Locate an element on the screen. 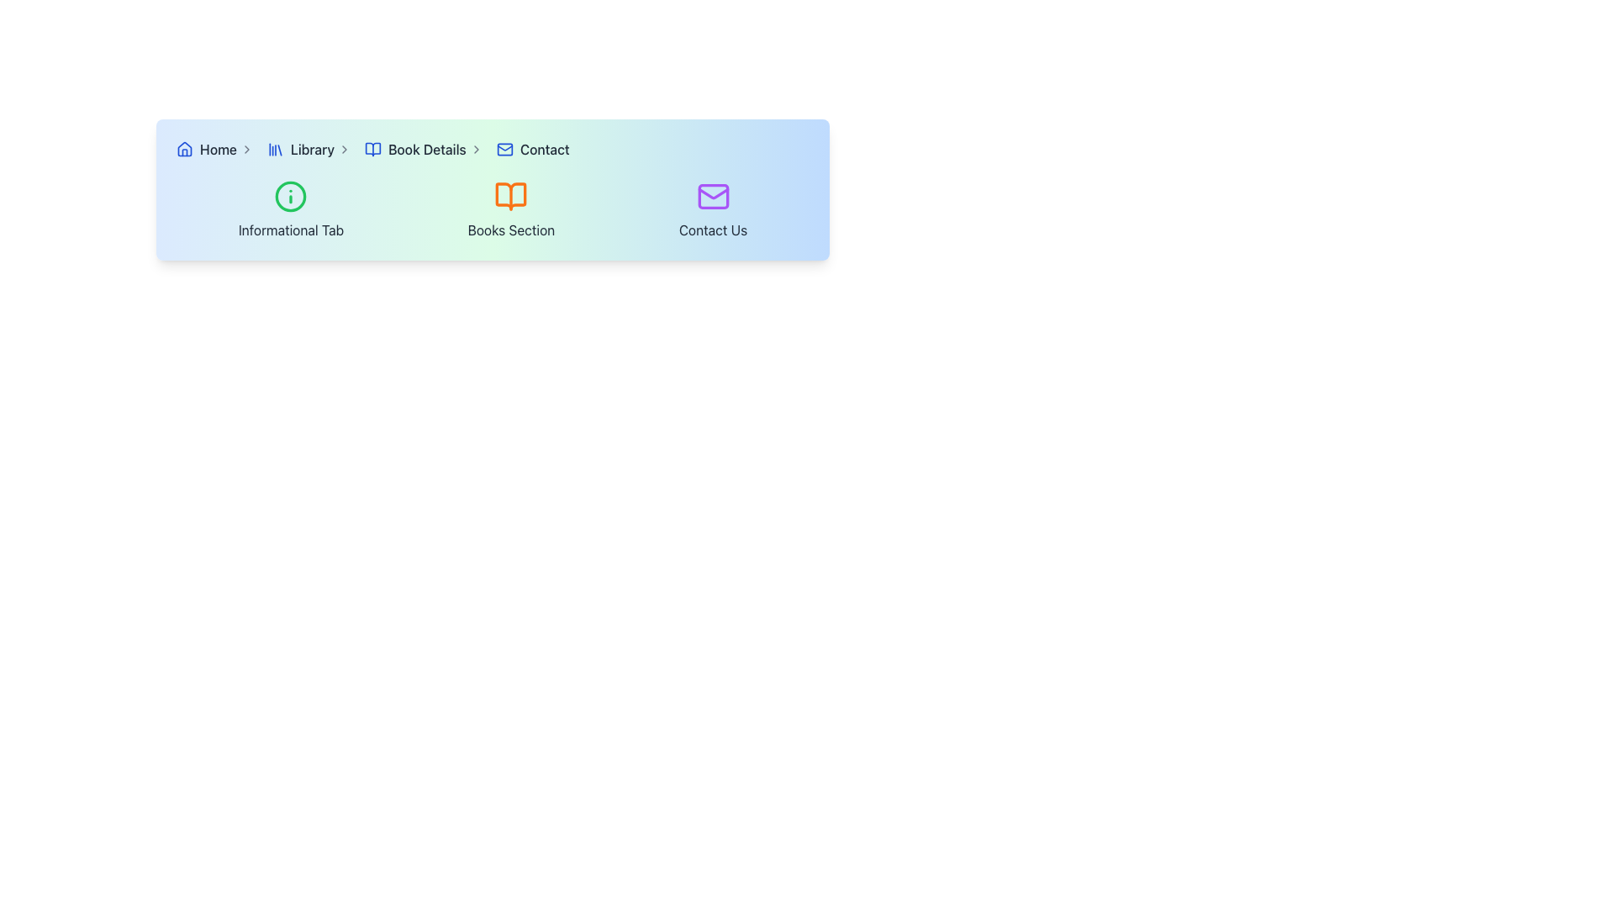 The image size is (1614, 908). the leftmost tab labeled 'Informational Tab' is located at coordinates (291, 209).